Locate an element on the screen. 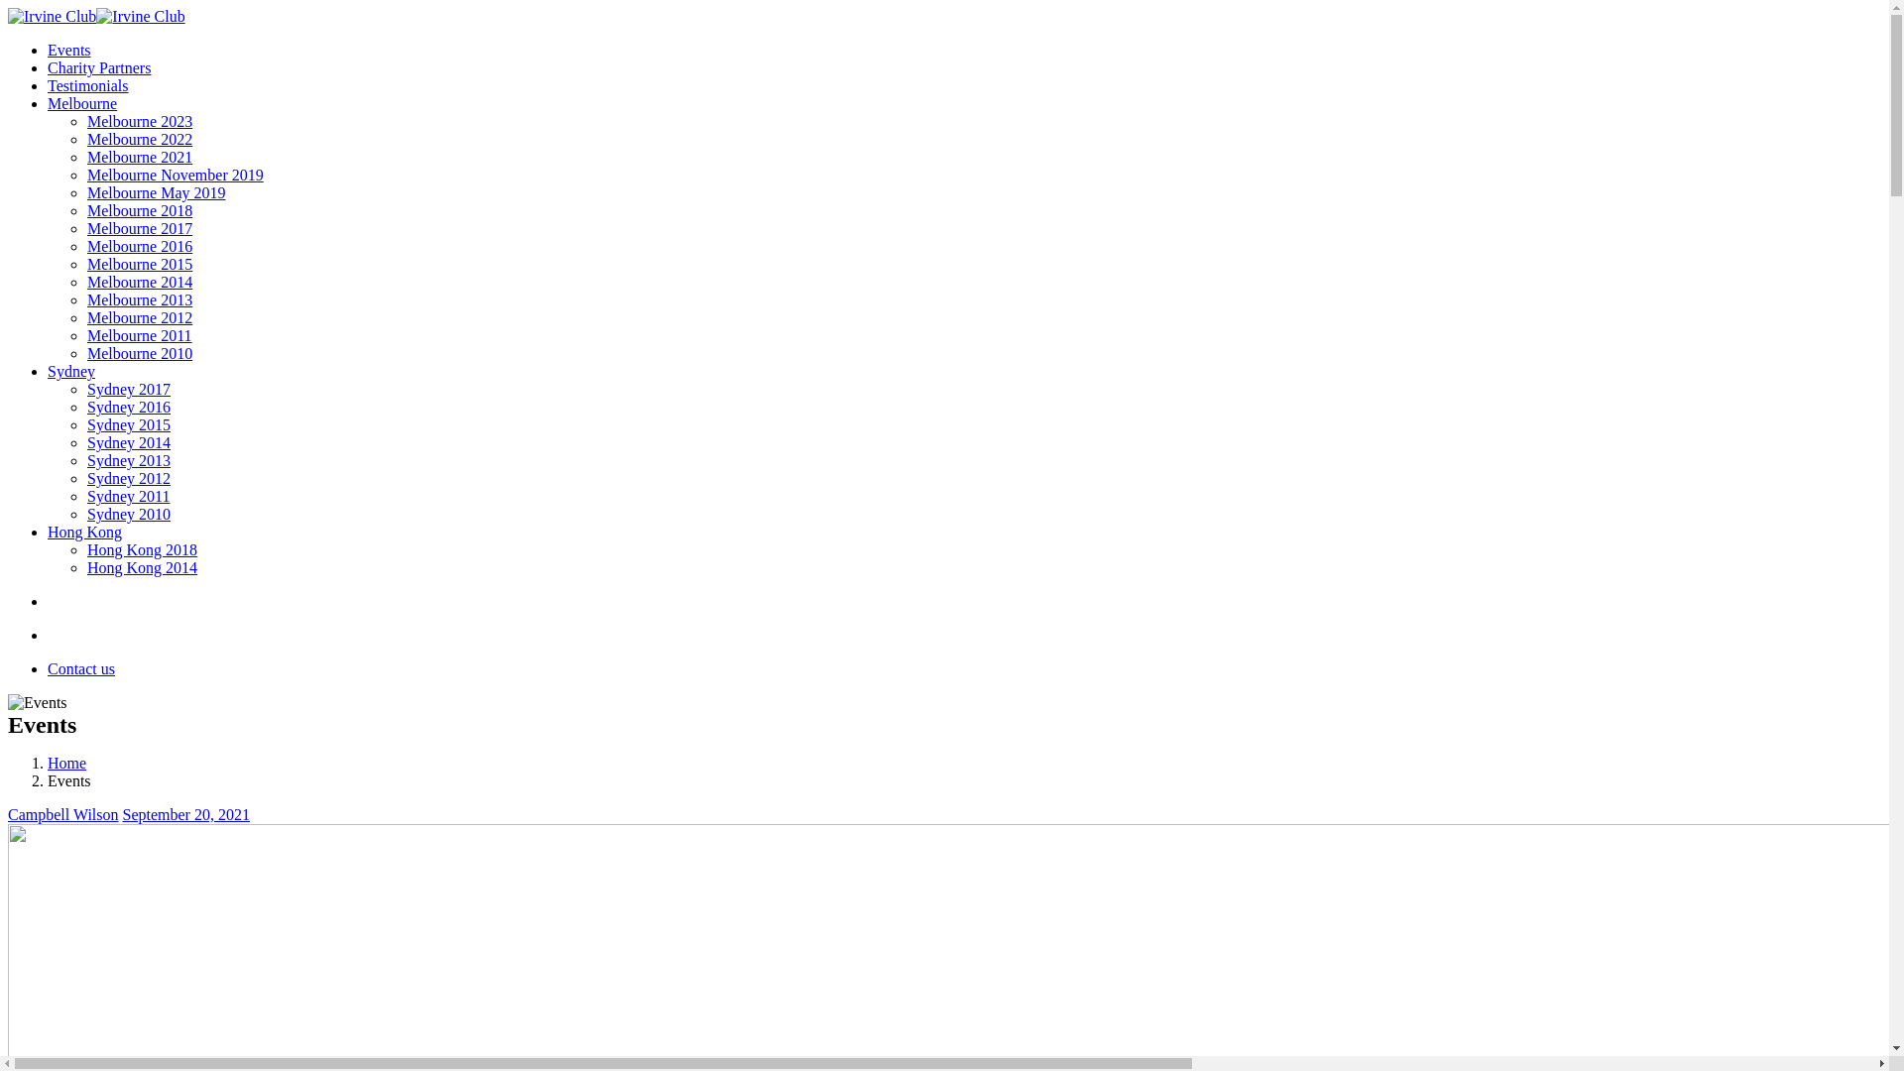  'Melbourne May 2019' is located at coordinates (156, 192).